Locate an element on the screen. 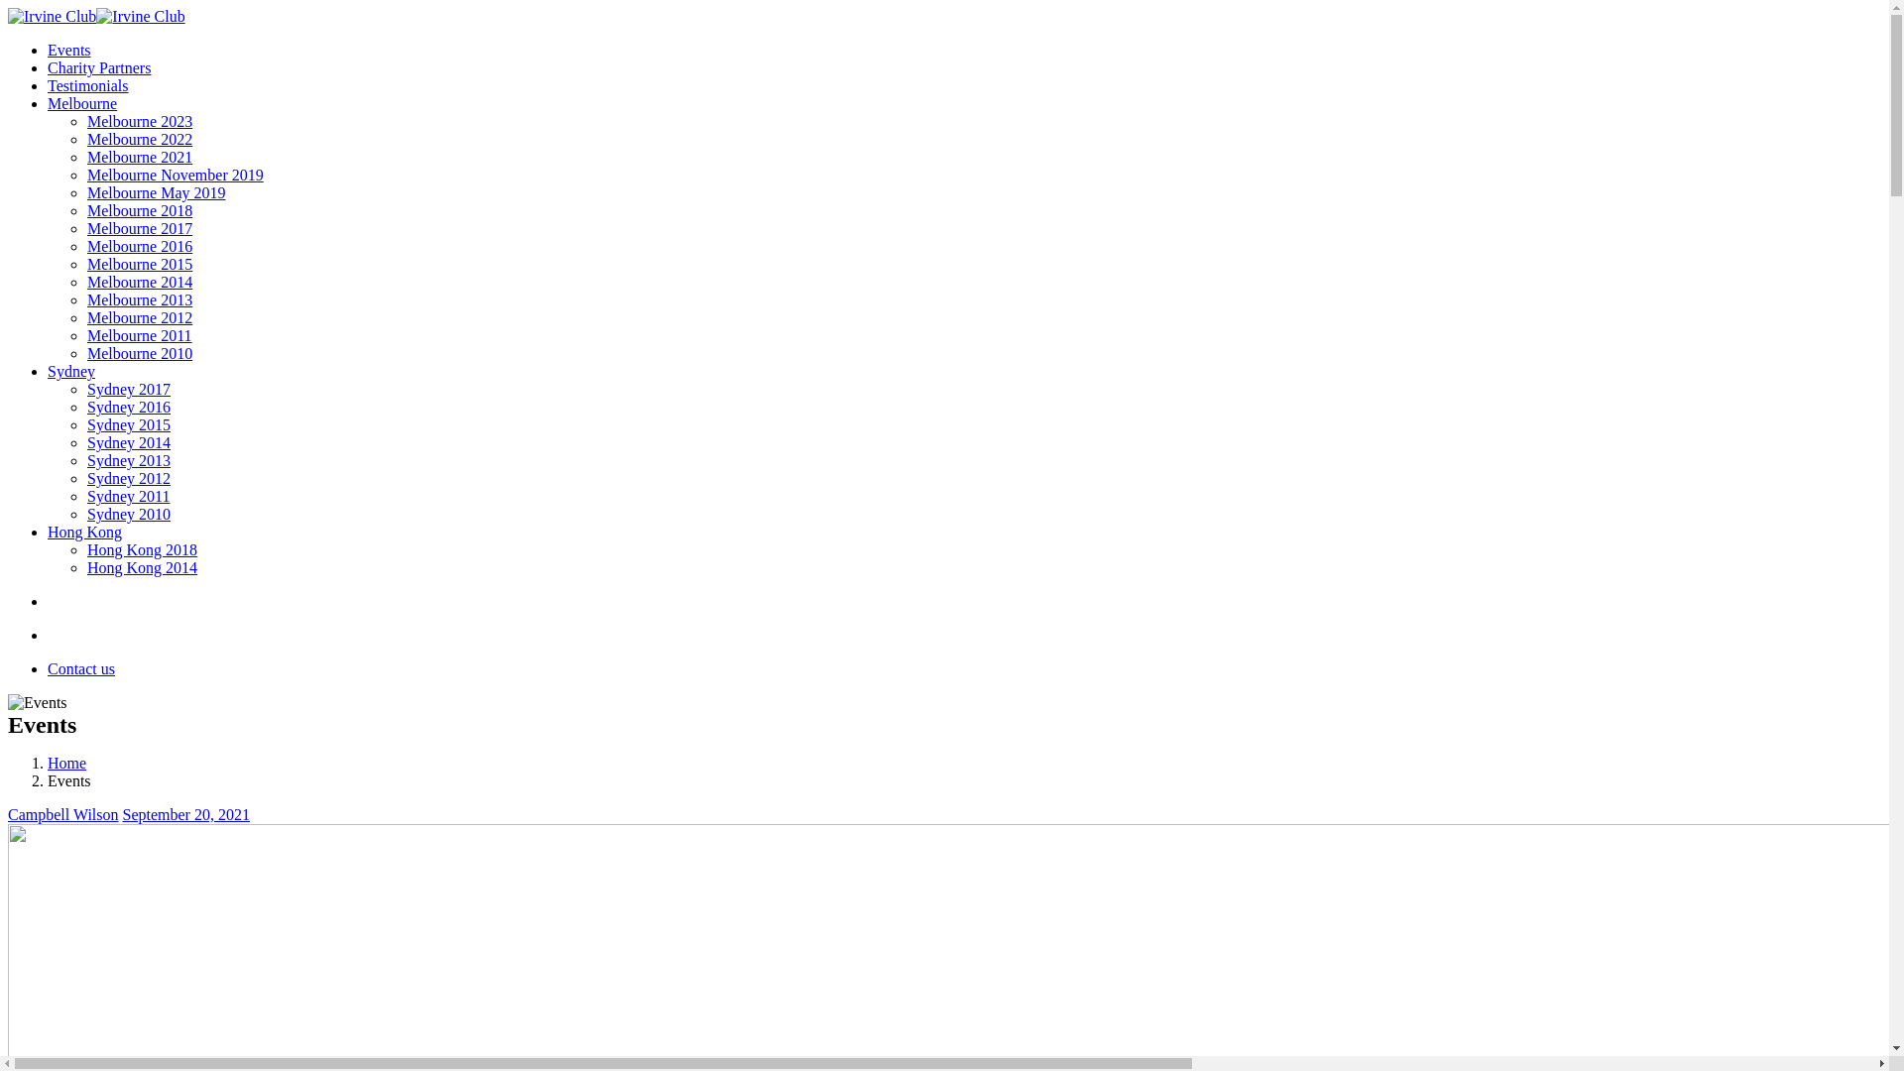  'Melbourne May 2019' is located at coordinates (156, 192).